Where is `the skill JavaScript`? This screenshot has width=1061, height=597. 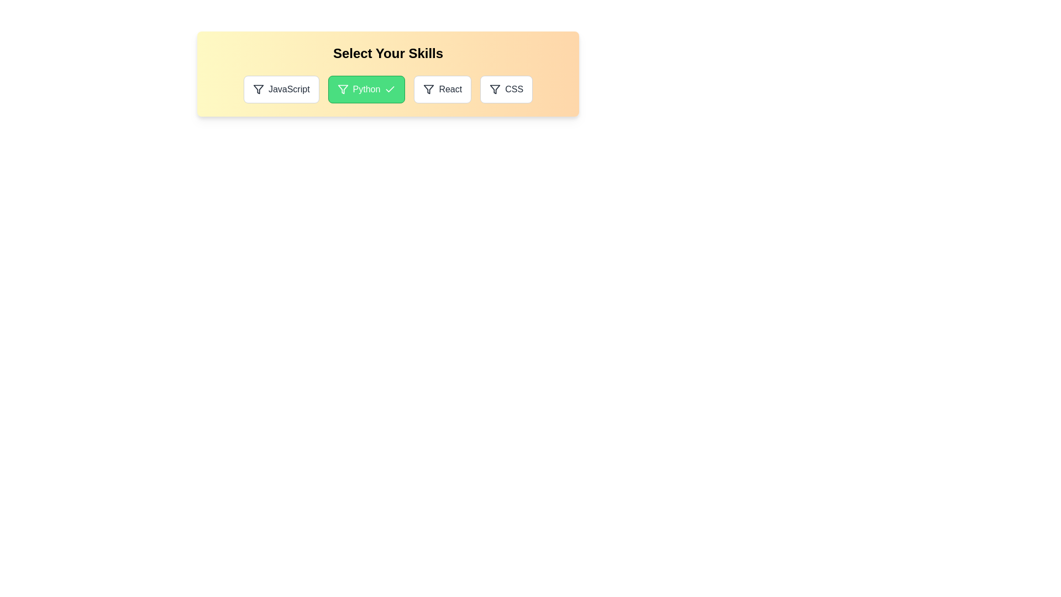
the skill JavaScript is located at coordinates (281, 89).